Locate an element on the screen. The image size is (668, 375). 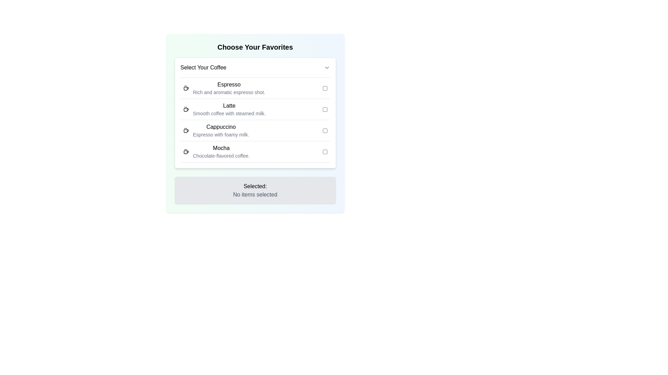
the third coffee option in the selection panel, which is labeled with its name in bold and description is located at coordinates (255, 119).